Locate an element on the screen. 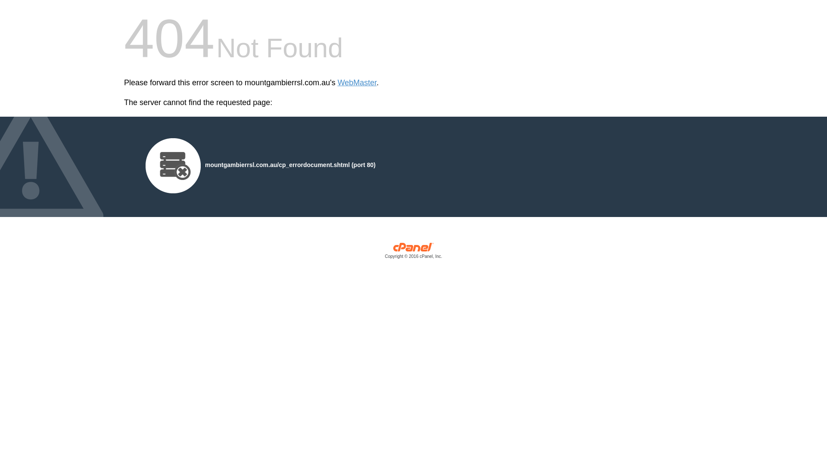 This screenshot has width=827, height=465. 'WebMaster' is located at coordinates (357, 83).